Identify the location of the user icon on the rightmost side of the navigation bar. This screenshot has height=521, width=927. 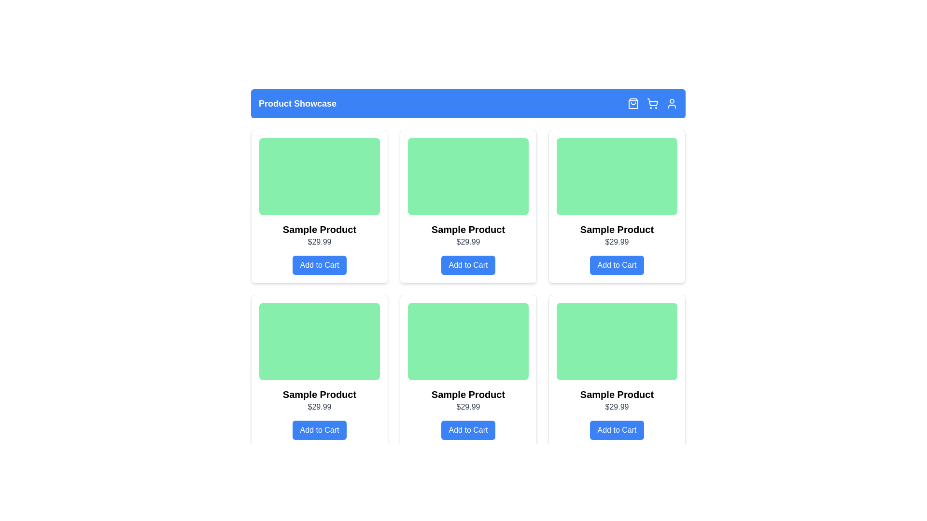
(672, 104).